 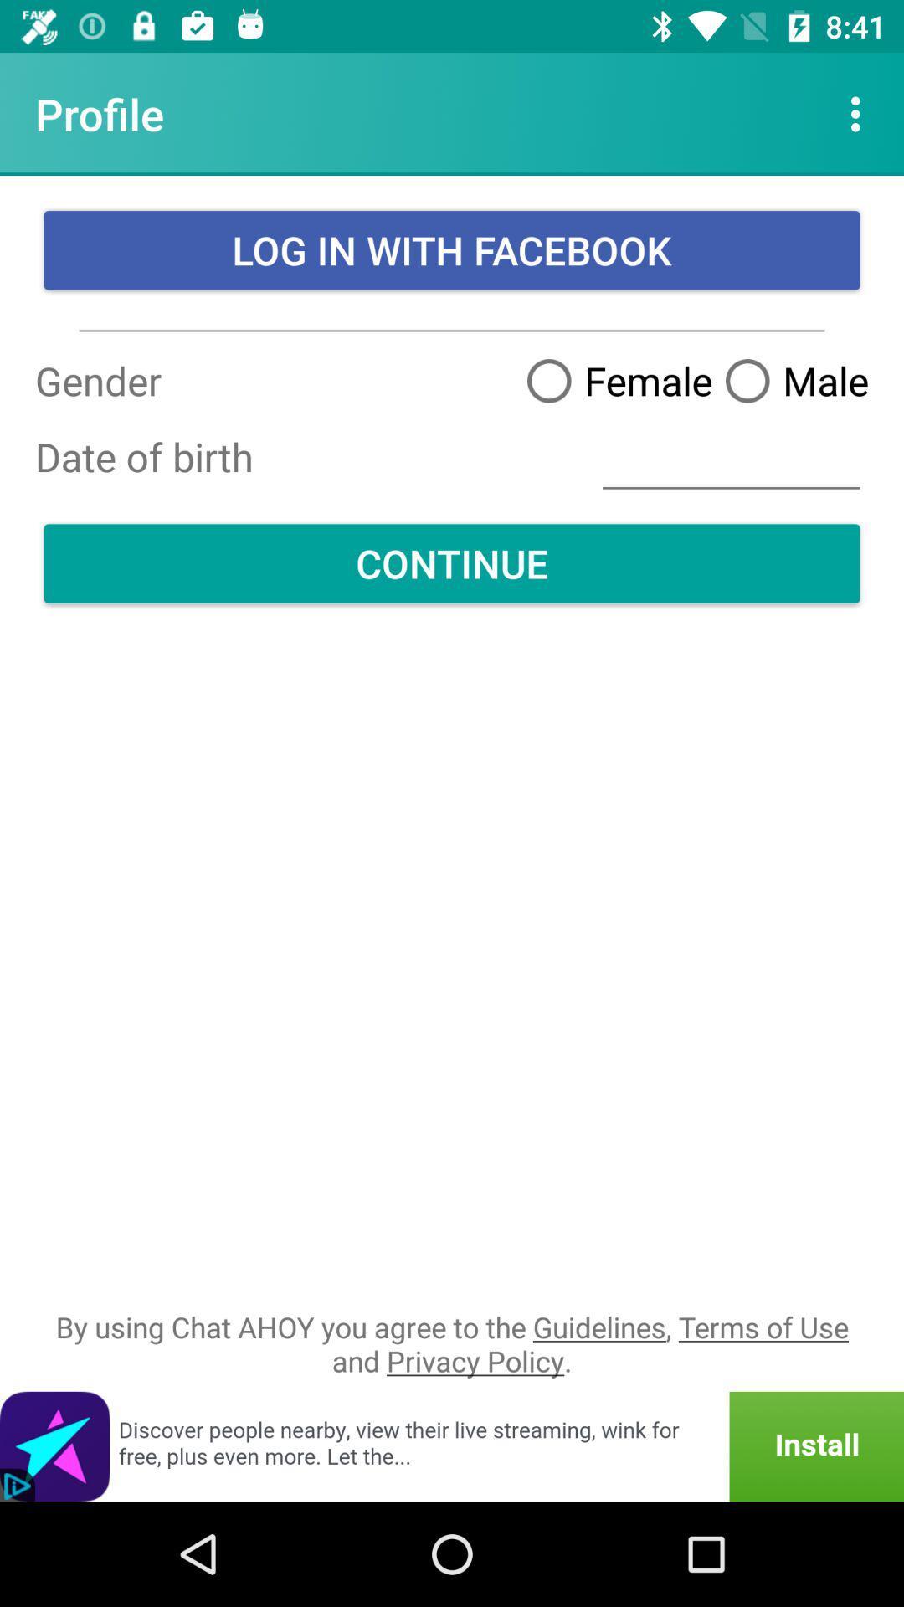 What do you see at coordinates (730, 457) in the screenshot?
I see `item above the continue icon` at bounding box center [730, 457].